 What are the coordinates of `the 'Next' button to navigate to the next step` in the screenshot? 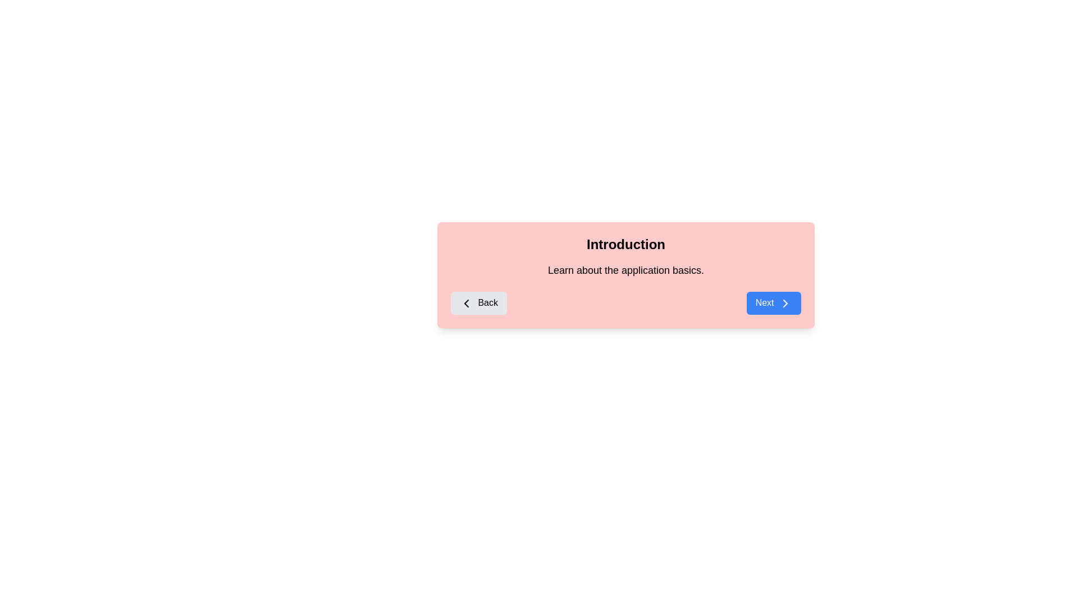 It's located at (773, 303).